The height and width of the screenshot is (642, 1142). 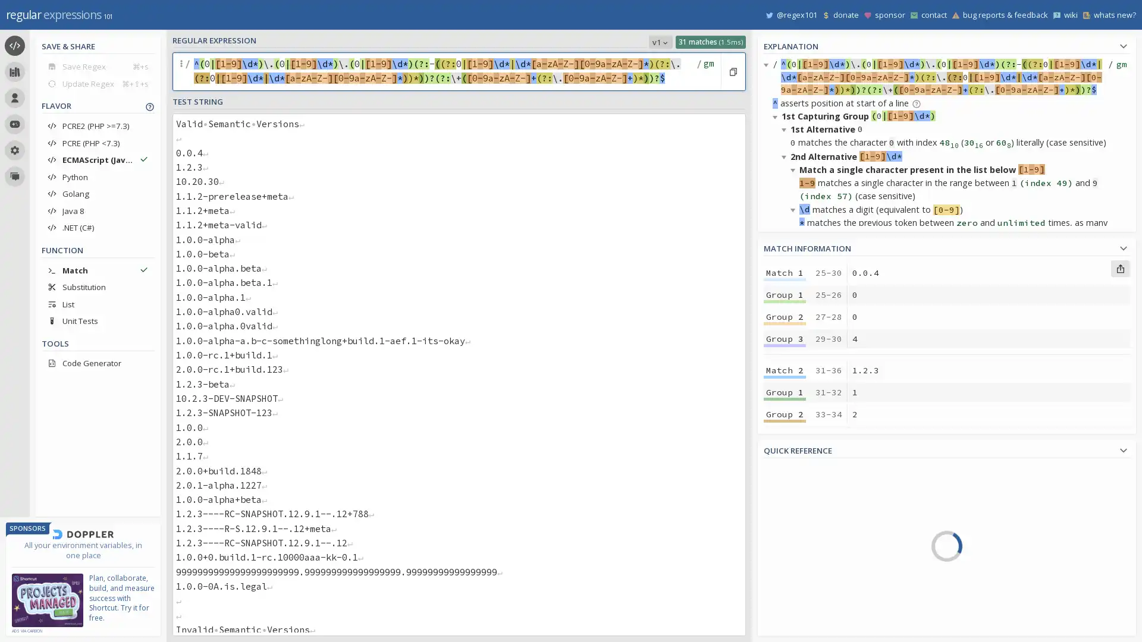 I want to click on A character except: a, b or c [^abc], so click(x=1006, y=487).